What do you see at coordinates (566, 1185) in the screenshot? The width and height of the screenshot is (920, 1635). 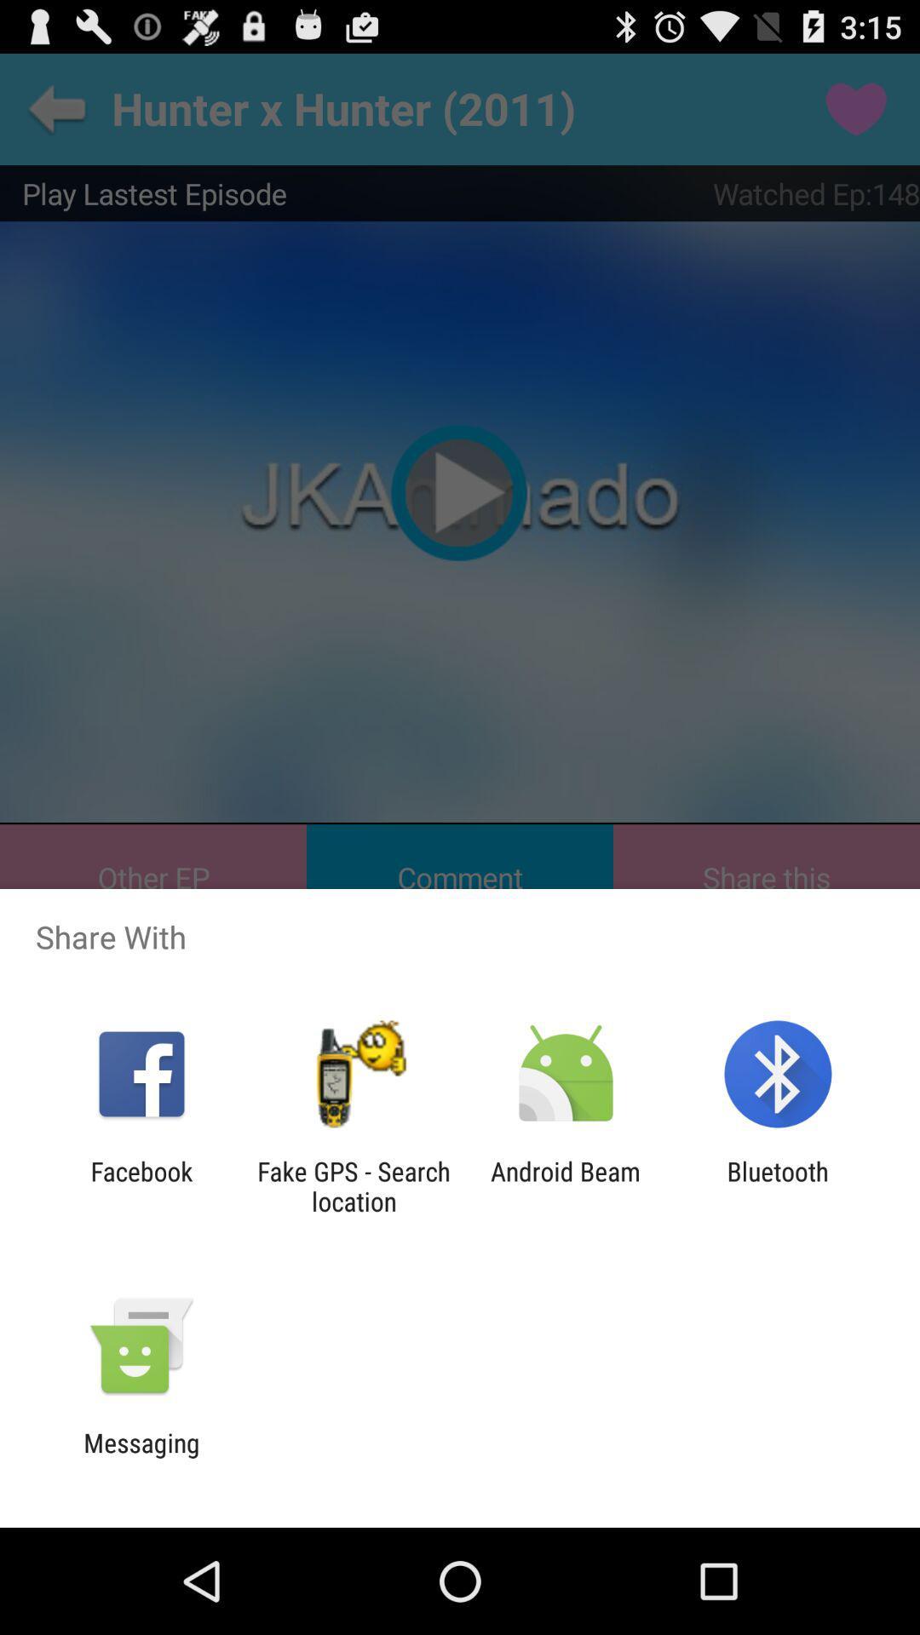 I see `the app to the right of the fake gps search` at bounding box center [566, 1185].